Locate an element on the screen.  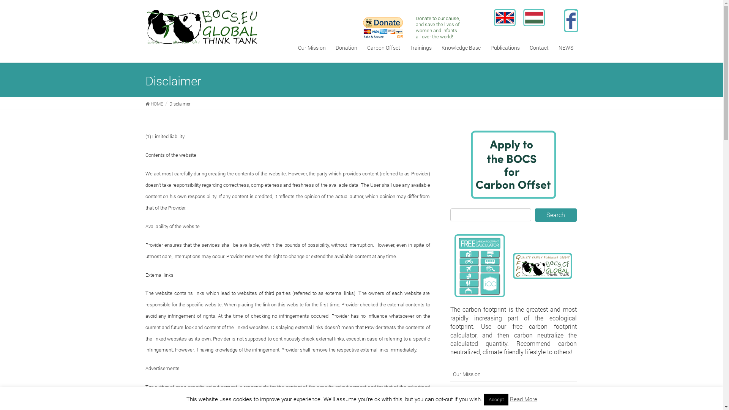
'Accept' is located at coordinates (495, 399).